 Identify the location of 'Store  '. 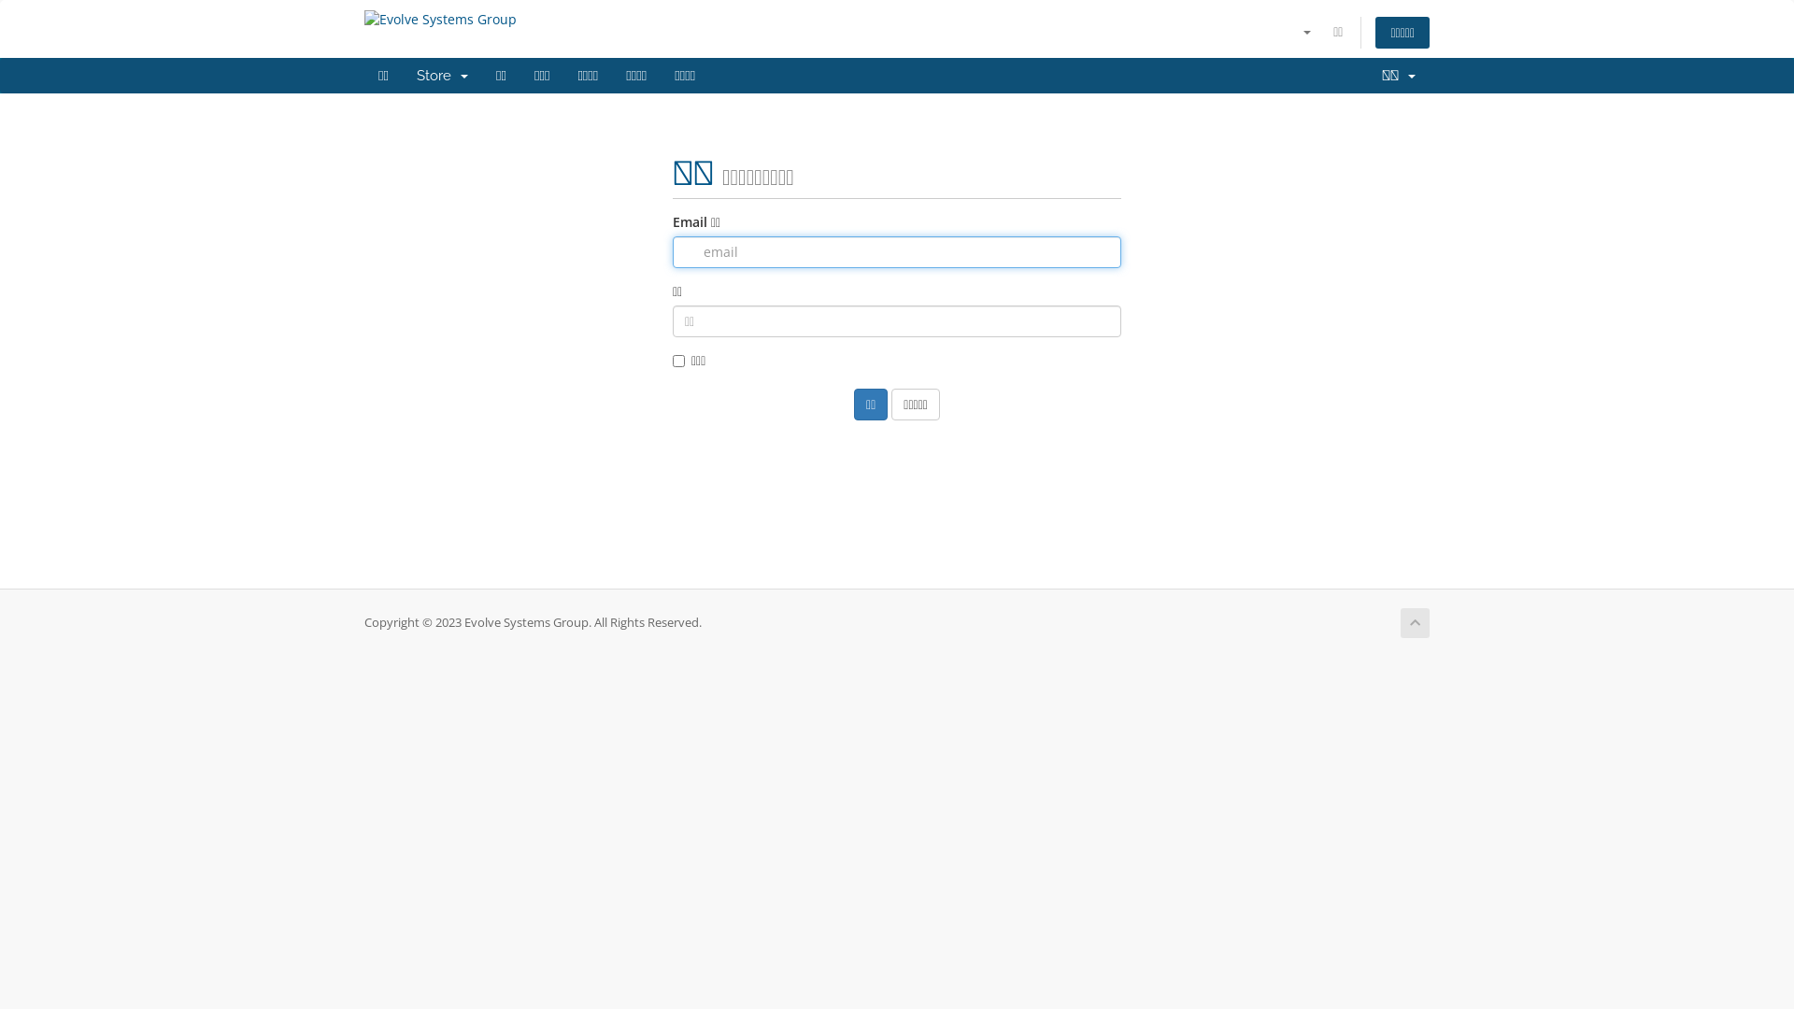
(441, 75).